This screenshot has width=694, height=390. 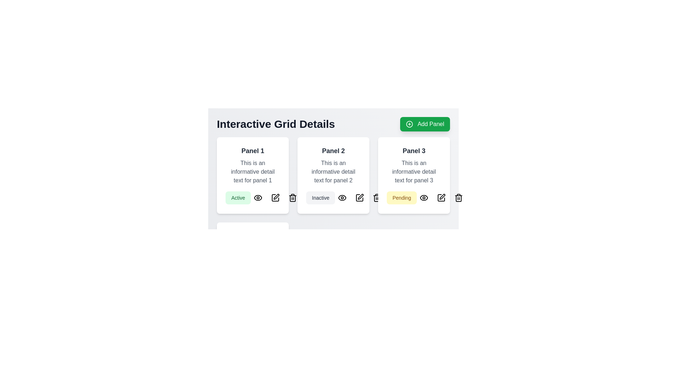 What do you see at coordinates (258, 198) in the screenshot?
I see `the eye icon located under the 'Active' status indicator in the 'Panel 1' card` at bounding box center [258, 198].